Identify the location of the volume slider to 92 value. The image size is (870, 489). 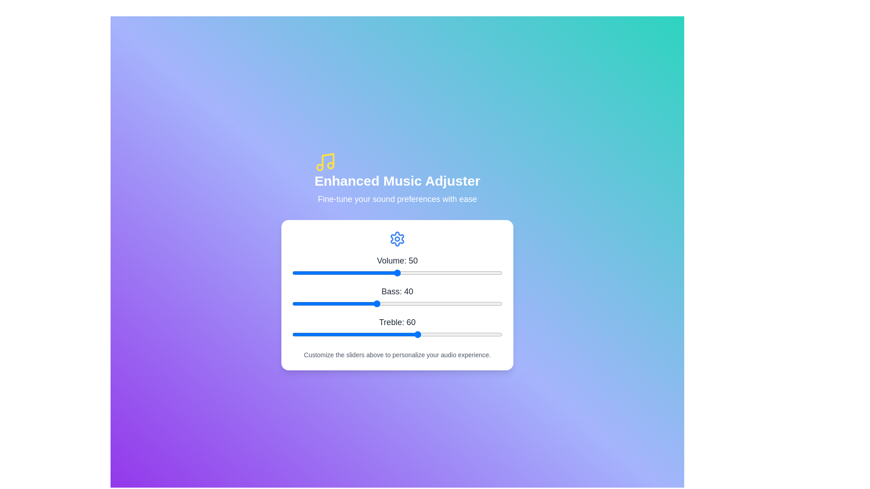
(485, 272).